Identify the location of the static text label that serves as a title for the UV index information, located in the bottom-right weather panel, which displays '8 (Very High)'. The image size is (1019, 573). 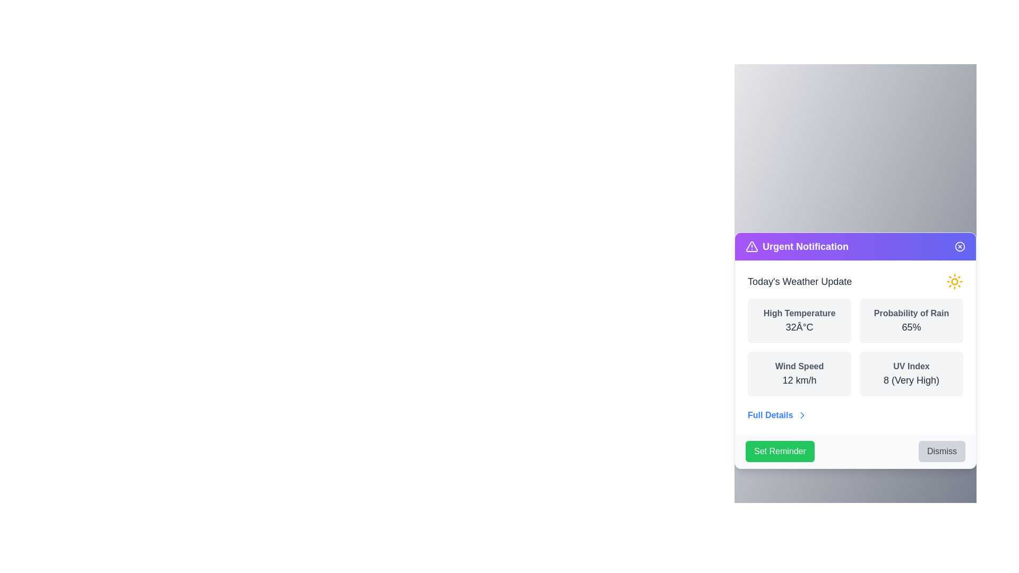
(911, 366).